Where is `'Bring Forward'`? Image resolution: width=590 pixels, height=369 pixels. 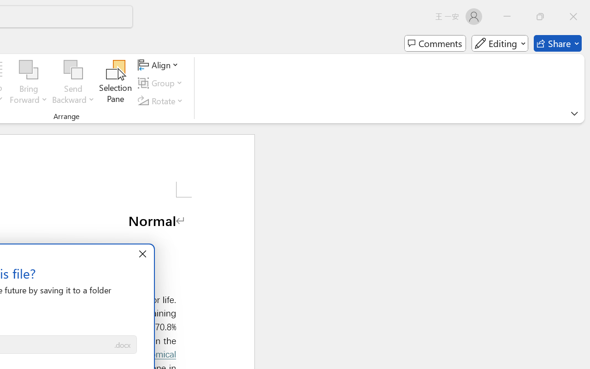 'Bring Forward' is located at coordinates (29, 83).